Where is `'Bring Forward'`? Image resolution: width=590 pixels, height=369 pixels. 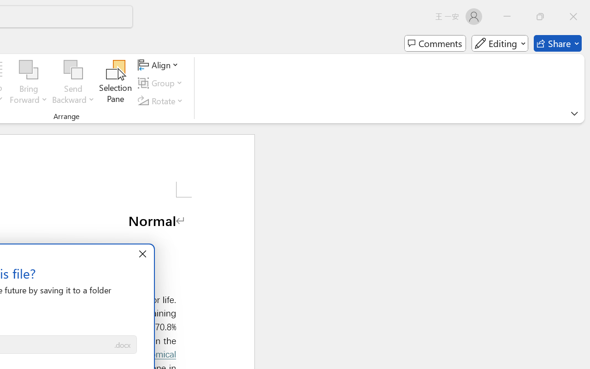 'Bring Forward' is located at coordinates (29, 83).